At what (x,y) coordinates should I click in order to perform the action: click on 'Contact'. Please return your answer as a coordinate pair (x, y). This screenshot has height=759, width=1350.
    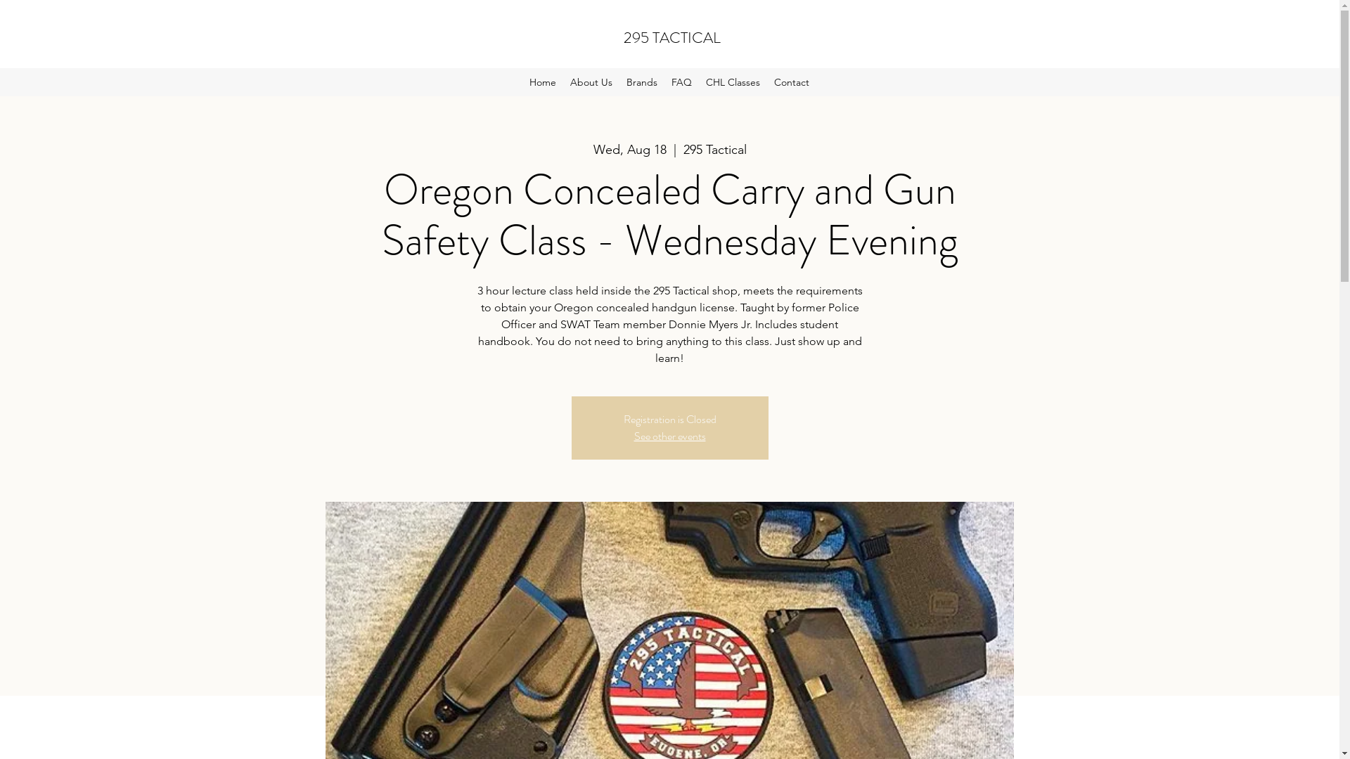
    Looking at the image, I should click on (766, 82).